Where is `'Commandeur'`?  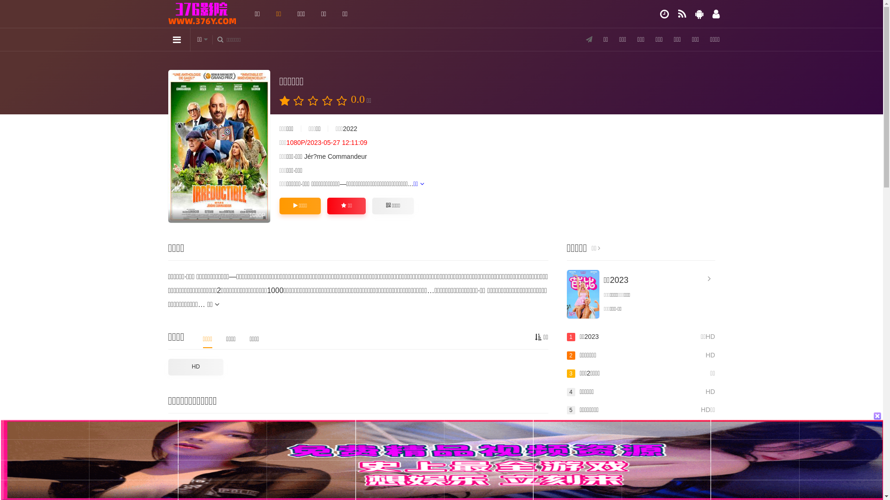 'Commandeur' is located at coordinates (327, 156).